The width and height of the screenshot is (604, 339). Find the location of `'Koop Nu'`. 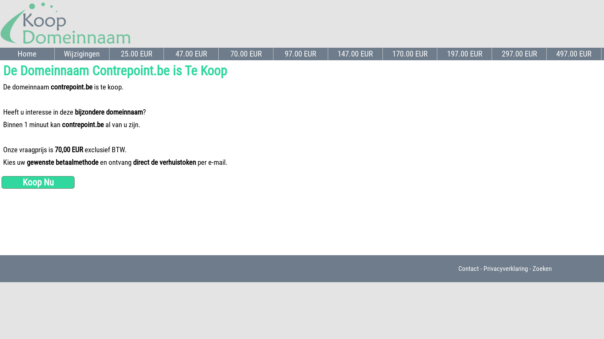

'Koop Nu' is located at coordinates (37, 182).